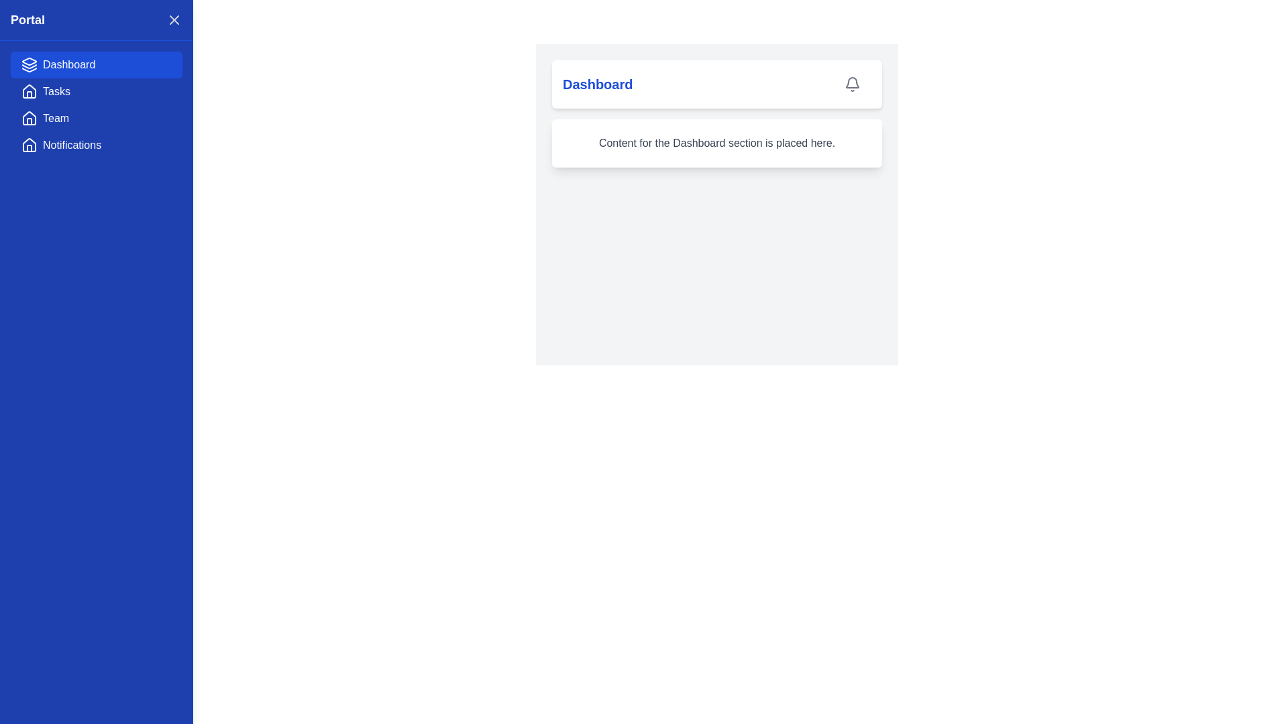 This screenshot has height=724, width=1288. What do you see at coordinates (852, 84) in the screenshot?
I see `the notification bell icon located at the top-right corner of the Dashboard heading bar` at bounding box center [852, 84].